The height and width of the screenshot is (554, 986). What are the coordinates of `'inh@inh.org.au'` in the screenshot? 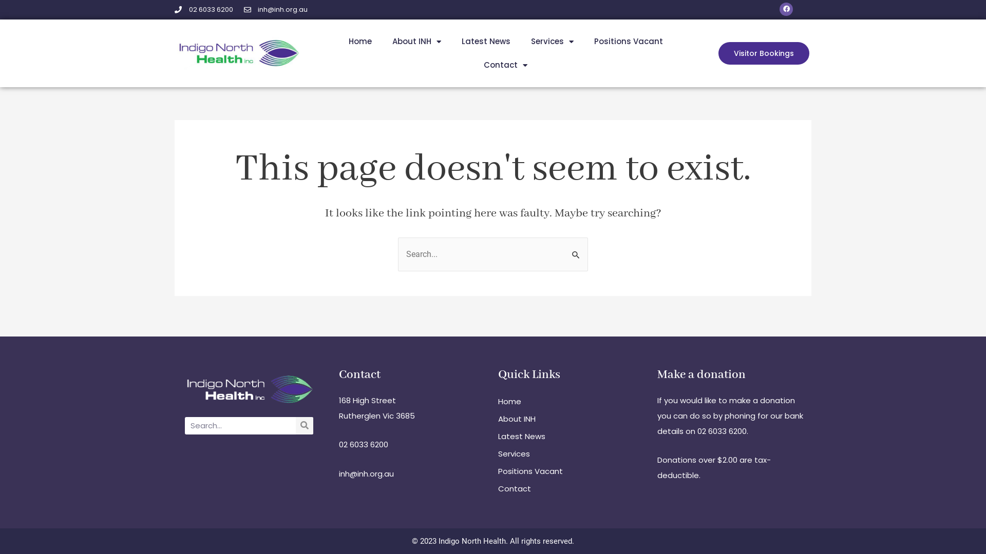 It's located at (366, 473).